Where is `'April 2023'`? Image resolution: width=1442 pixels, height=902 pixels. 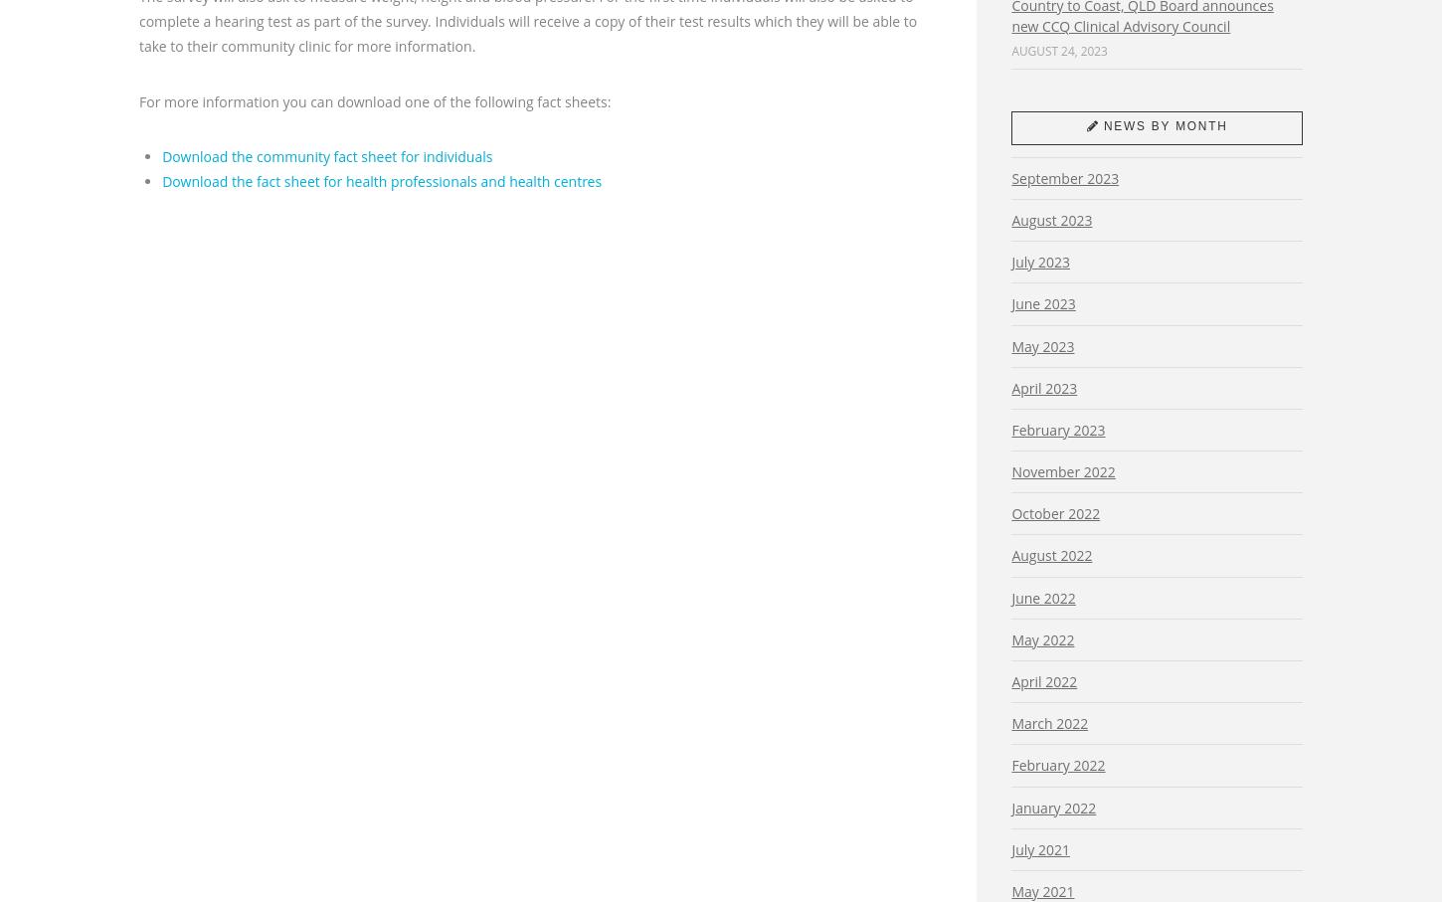 'April 2023' is located at coordinates (1011, 387).